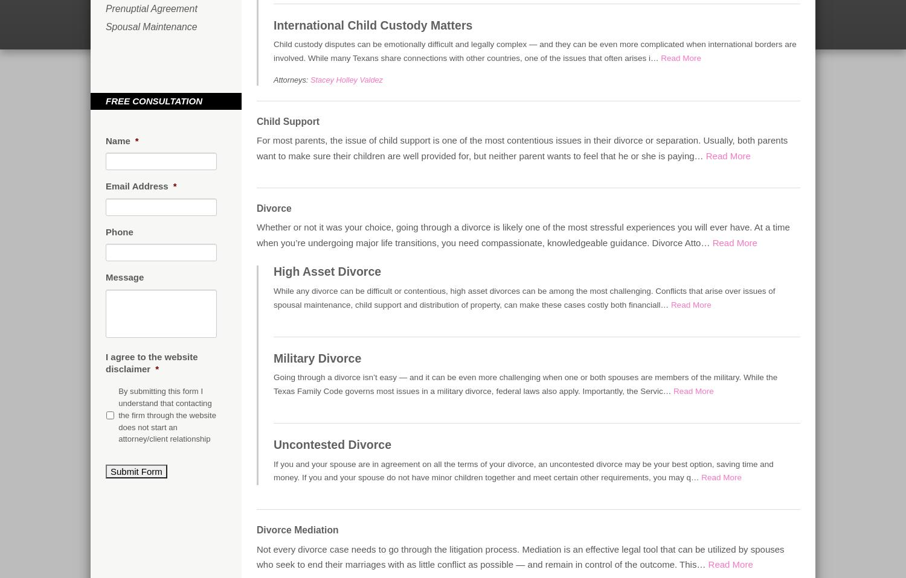  I want to click on 'Prenuptial Agreement', so click(151, 8).